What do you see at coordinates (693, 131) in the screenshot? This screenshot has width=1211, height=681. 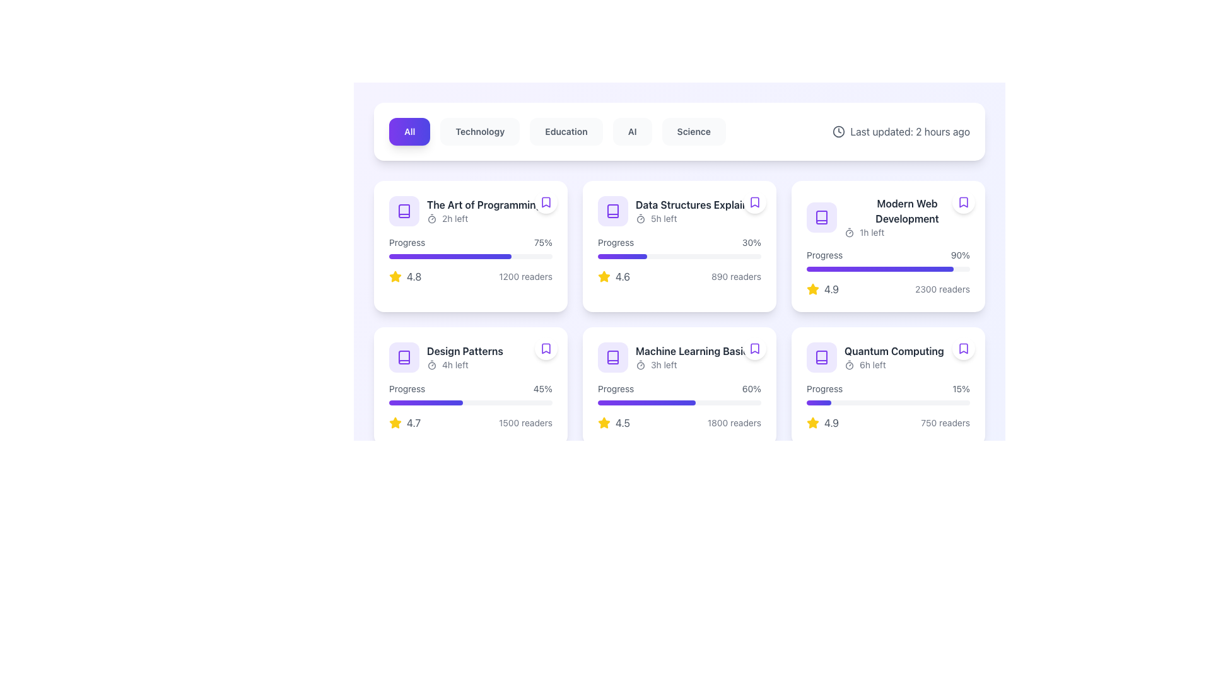 I see `the 'Science' button in the navigation bar` at bounding box center [693, 131].